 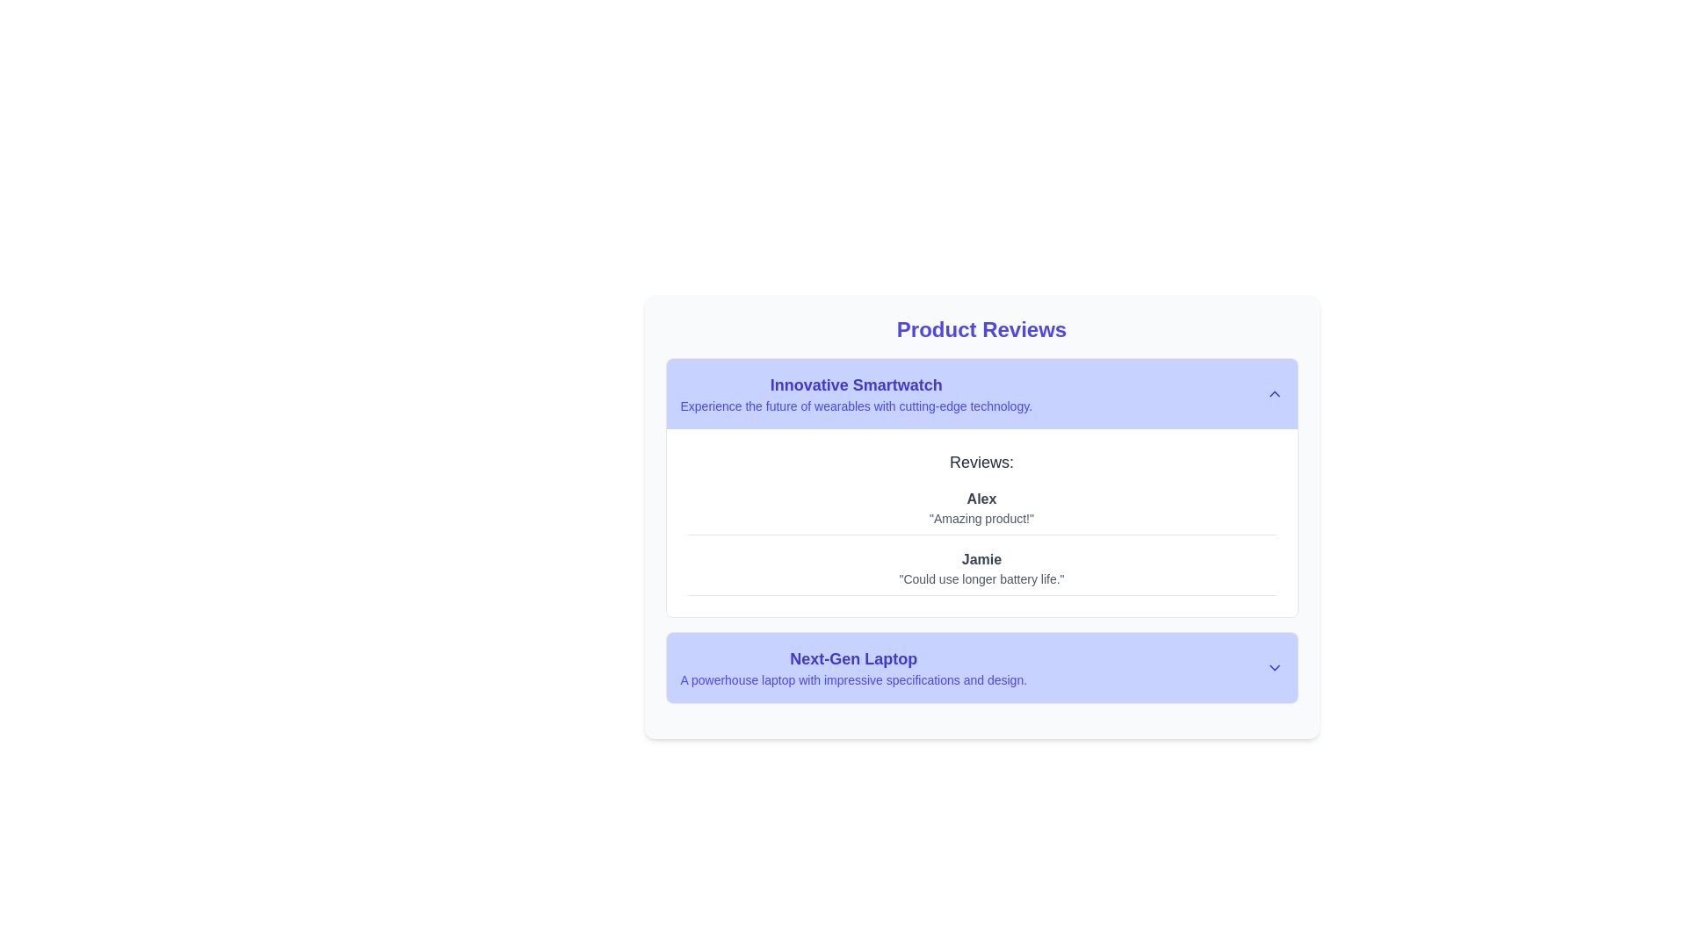 I want to click on the text block displaying the review by Jamie, which includes the name 'Jamie' in bold dark gray and the comment 'Could use longer battery life.' in lighter gray, so click(x=981, y=572).